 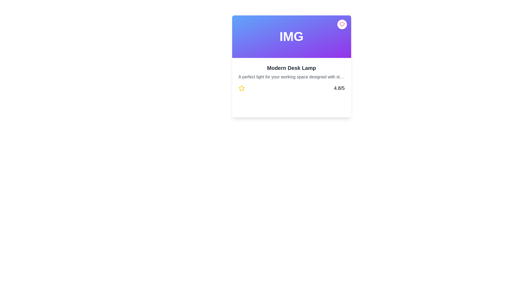 What do you see at coordinates (342, 24) in the screenshot?
I see `the heart icon located in the top-right corner of the card component to mark the associated item as a favorite` at bounding box center [342, 24].